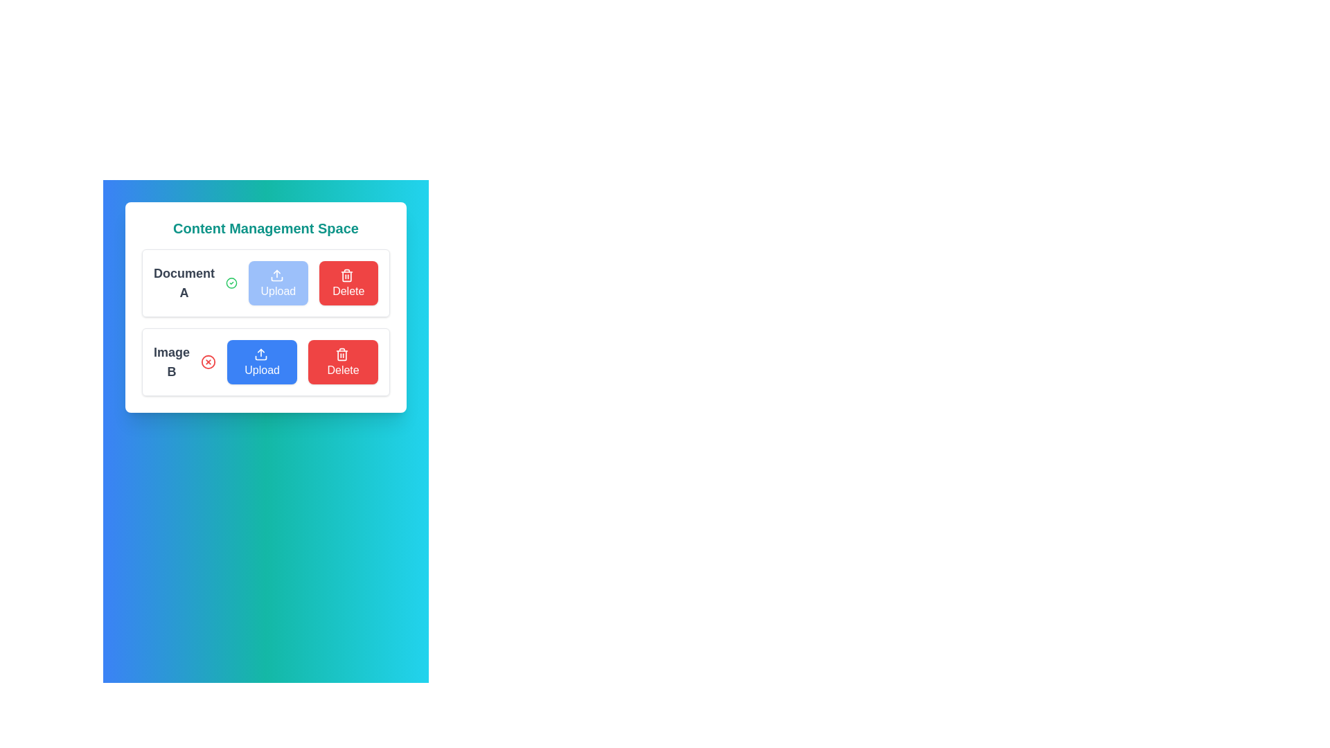  I want to click on the horizontal bar-shaped component of the upload icon within the SVG graphic, located in the right section of the second row of the content management interface, so click(276, 278).